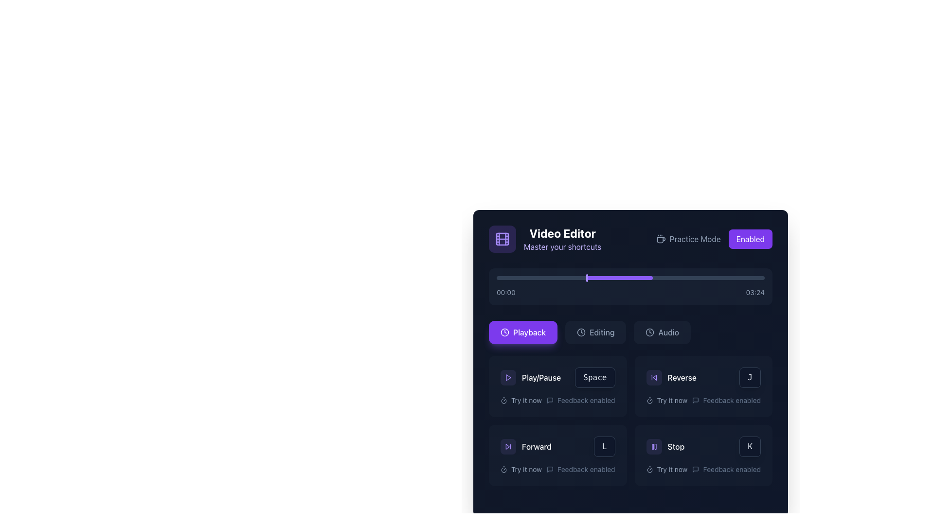  Describe the element at coordinates (508, 377) in the screenshot. I see `the circular violet button with a play icon` at that location.